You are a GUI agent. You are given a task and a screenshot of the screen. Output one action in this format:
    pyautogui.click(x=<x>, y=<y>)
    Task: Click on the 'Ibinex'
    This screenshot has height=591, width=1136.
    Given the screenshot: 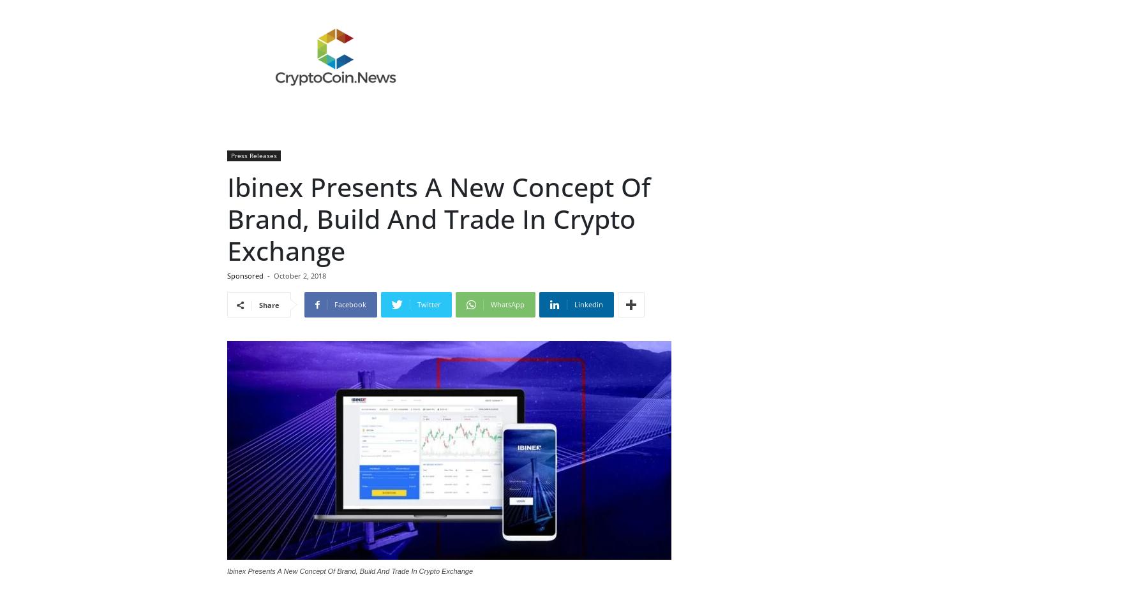 What is the action you would take?
    pyautogui.click(x=382, y=30)
    